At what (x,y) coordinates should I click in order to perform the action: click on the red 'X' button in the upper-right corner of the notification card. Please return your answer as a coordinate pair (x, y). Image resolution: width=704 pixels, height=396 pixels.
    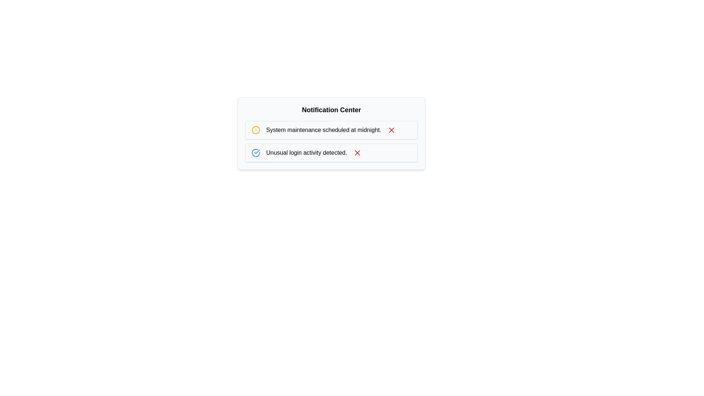
    Looking at the image, I should click on (391, 129).